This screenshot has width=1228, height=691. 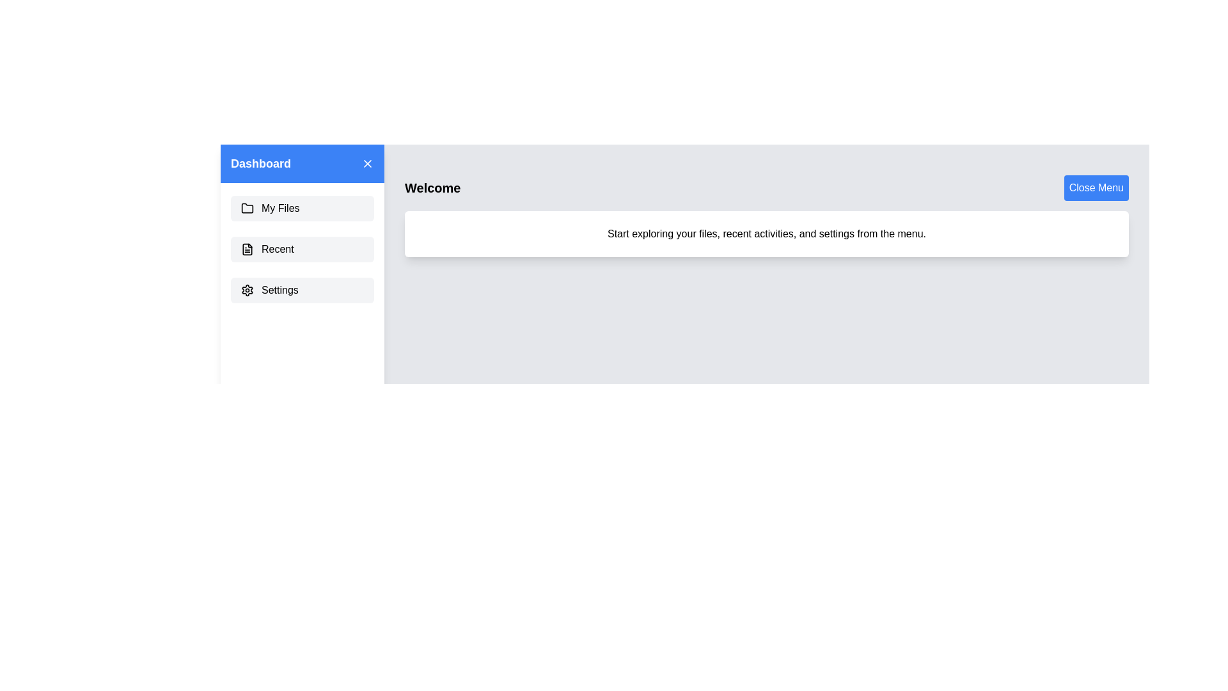 What do you see at coordinates (367, 163) in the screenshot?
I see `the button in the menu header to toggle the drawer visibility` at bounding box center [367, 163].